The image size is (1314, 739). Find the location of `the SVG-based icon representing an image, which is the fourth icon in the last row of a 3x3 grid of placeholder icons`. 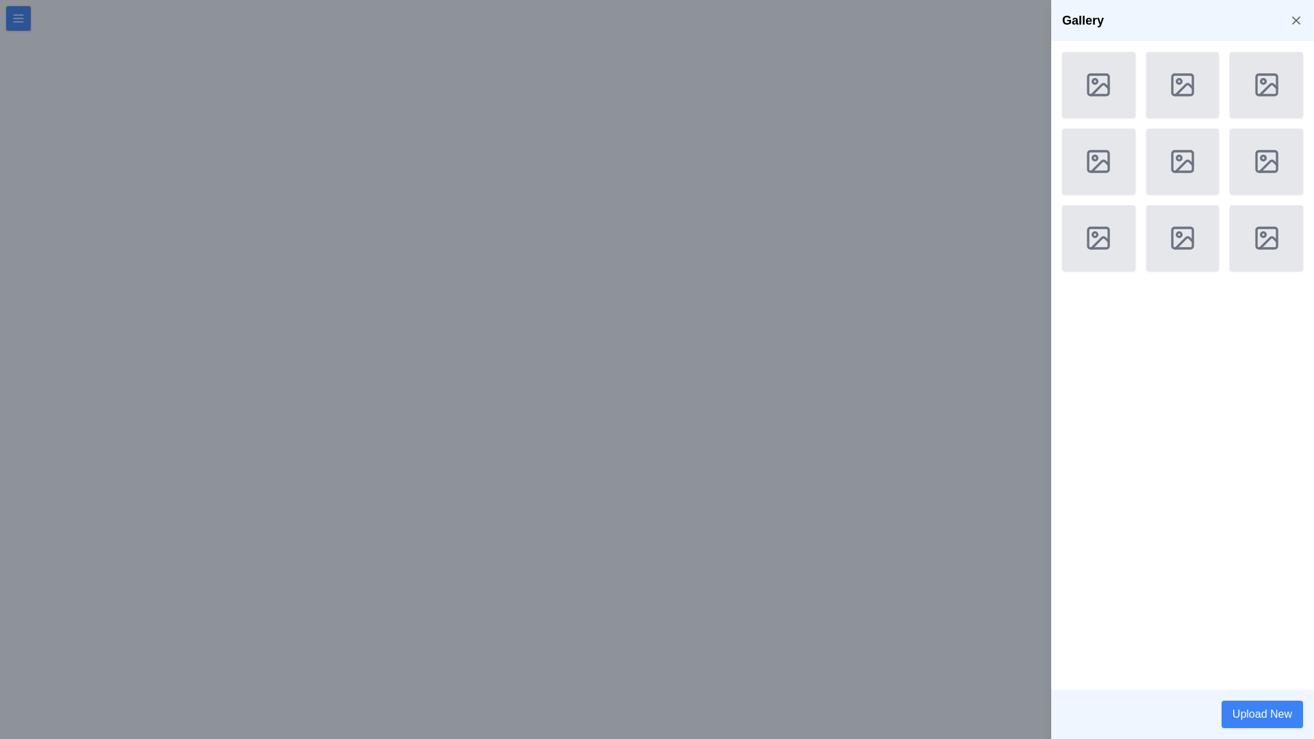

the SVG-based icon representing an image, which is the fourth icon in the last row of a 3x3 grid of placeholder icons is located at coordinates (1265, 237).